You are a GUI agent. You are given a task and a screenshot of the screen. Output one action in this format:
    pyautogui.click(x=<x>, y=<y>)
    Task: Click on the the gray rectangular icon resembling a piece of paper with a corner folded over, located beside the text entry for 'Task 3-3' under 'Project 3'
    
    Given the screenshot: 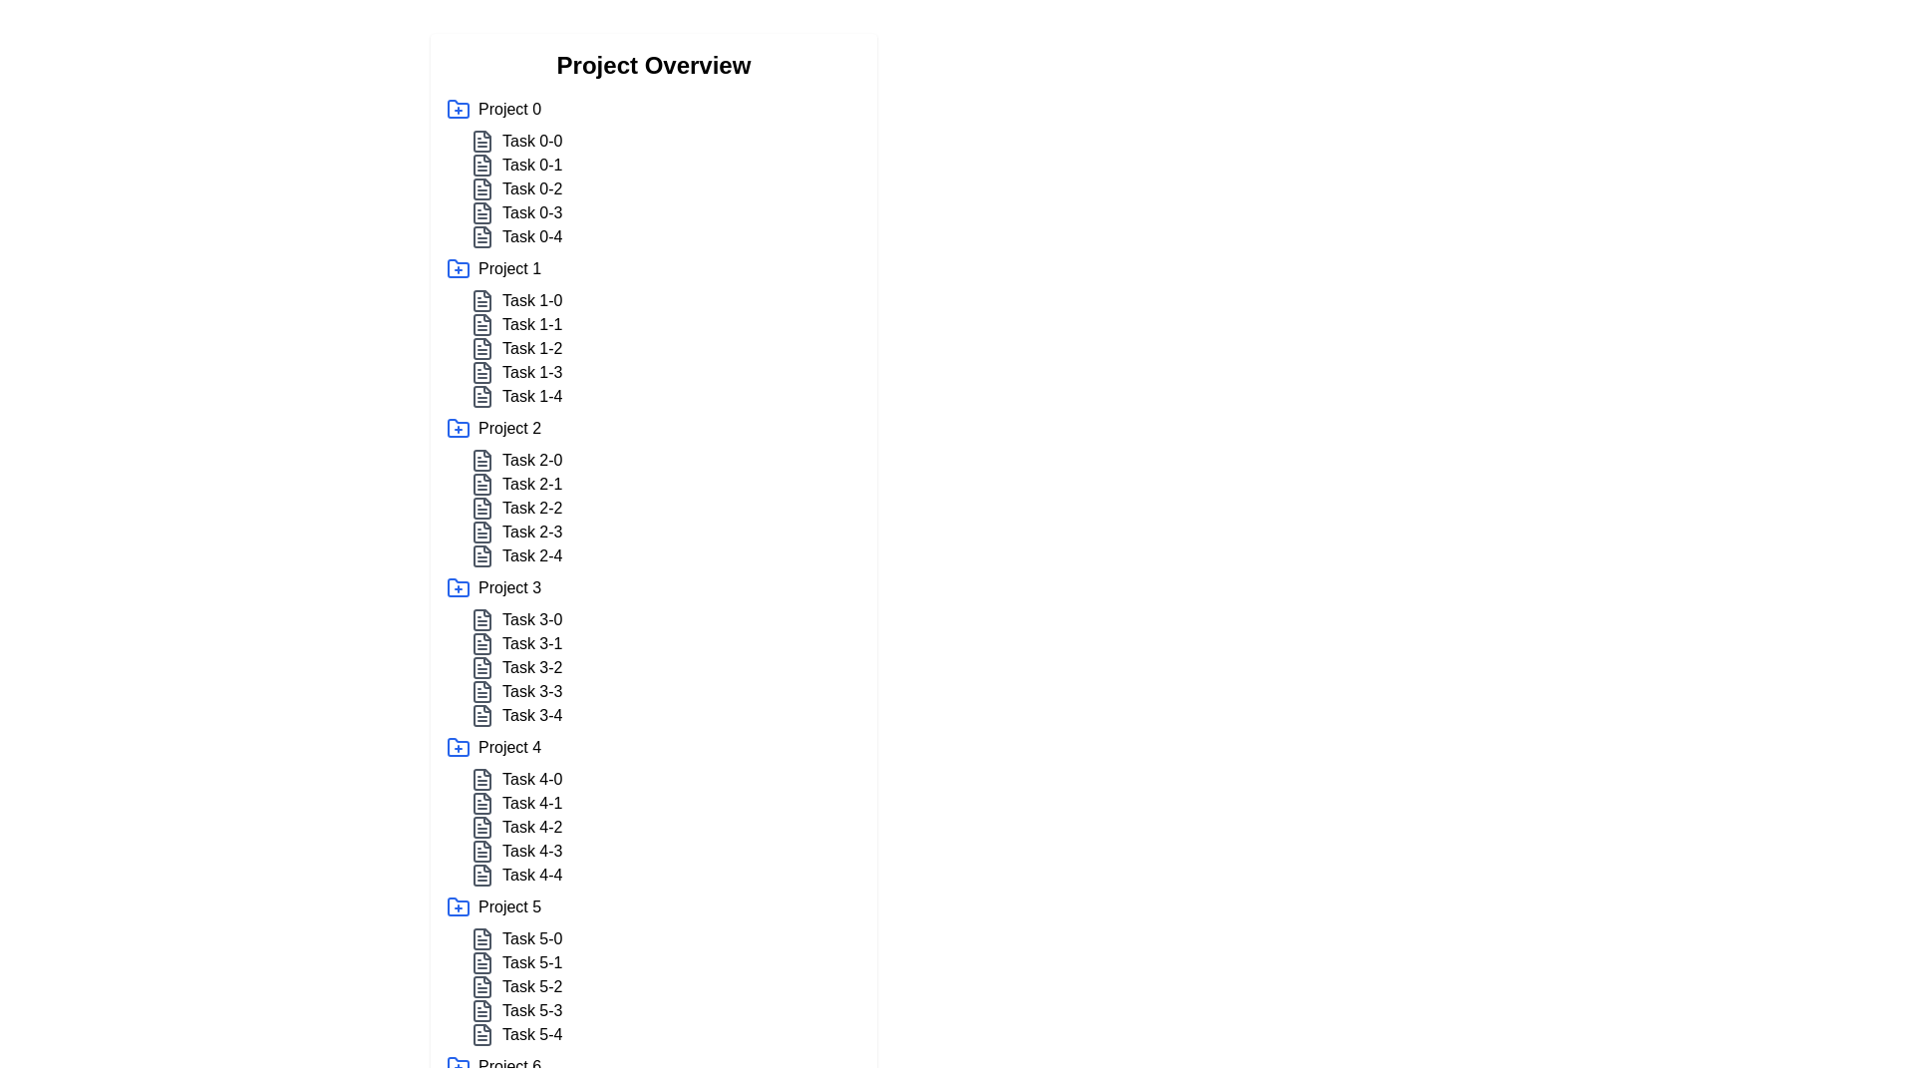 What is the action you would take?
    pyautogui.click(x=482, y=691)
    